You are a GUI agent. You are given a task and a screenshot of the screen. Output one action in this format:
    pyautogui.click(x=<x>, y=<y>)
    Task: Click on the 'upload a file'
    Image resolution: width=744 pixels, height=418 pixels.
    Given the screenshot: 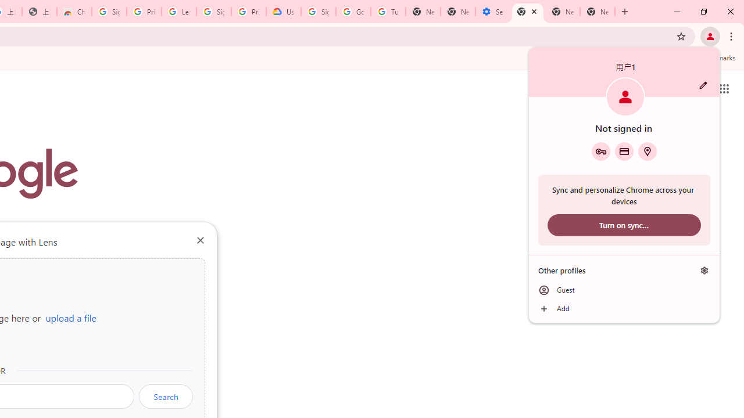 What is the action you would take?
    pyautogui.click(x=70, y=318)
    